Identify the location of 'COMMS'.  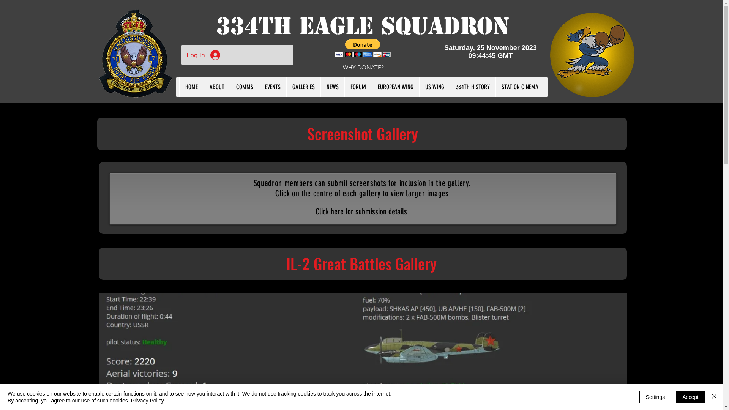
(229, 87).